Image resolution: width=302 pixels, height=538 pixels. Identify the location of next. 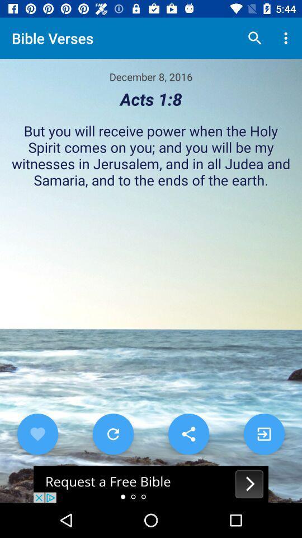
(264, 433).